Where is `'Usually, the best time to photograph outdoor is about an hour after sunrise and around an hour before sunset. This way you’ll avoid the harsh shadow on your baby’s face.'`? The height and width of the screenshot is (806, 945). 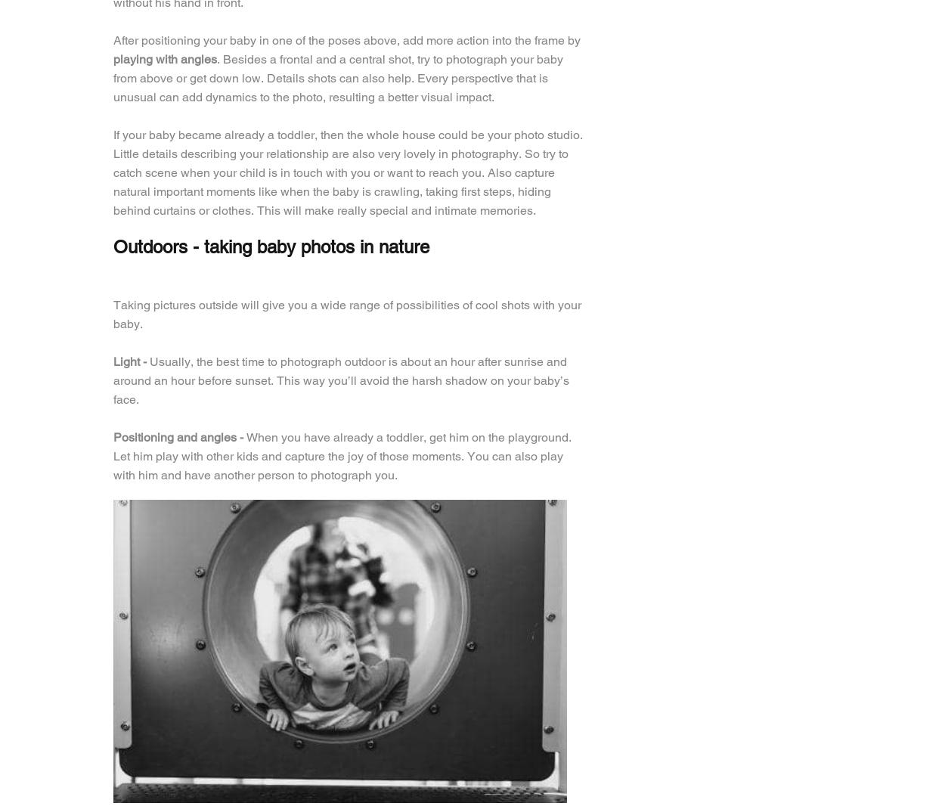 'Usually, the best time to photograph outdoor is about an hour after sunrise and around an hour before sunset. This way you’ll avoid the harsh shadow on your baby’s face.' is located at coordinates (113, 380).